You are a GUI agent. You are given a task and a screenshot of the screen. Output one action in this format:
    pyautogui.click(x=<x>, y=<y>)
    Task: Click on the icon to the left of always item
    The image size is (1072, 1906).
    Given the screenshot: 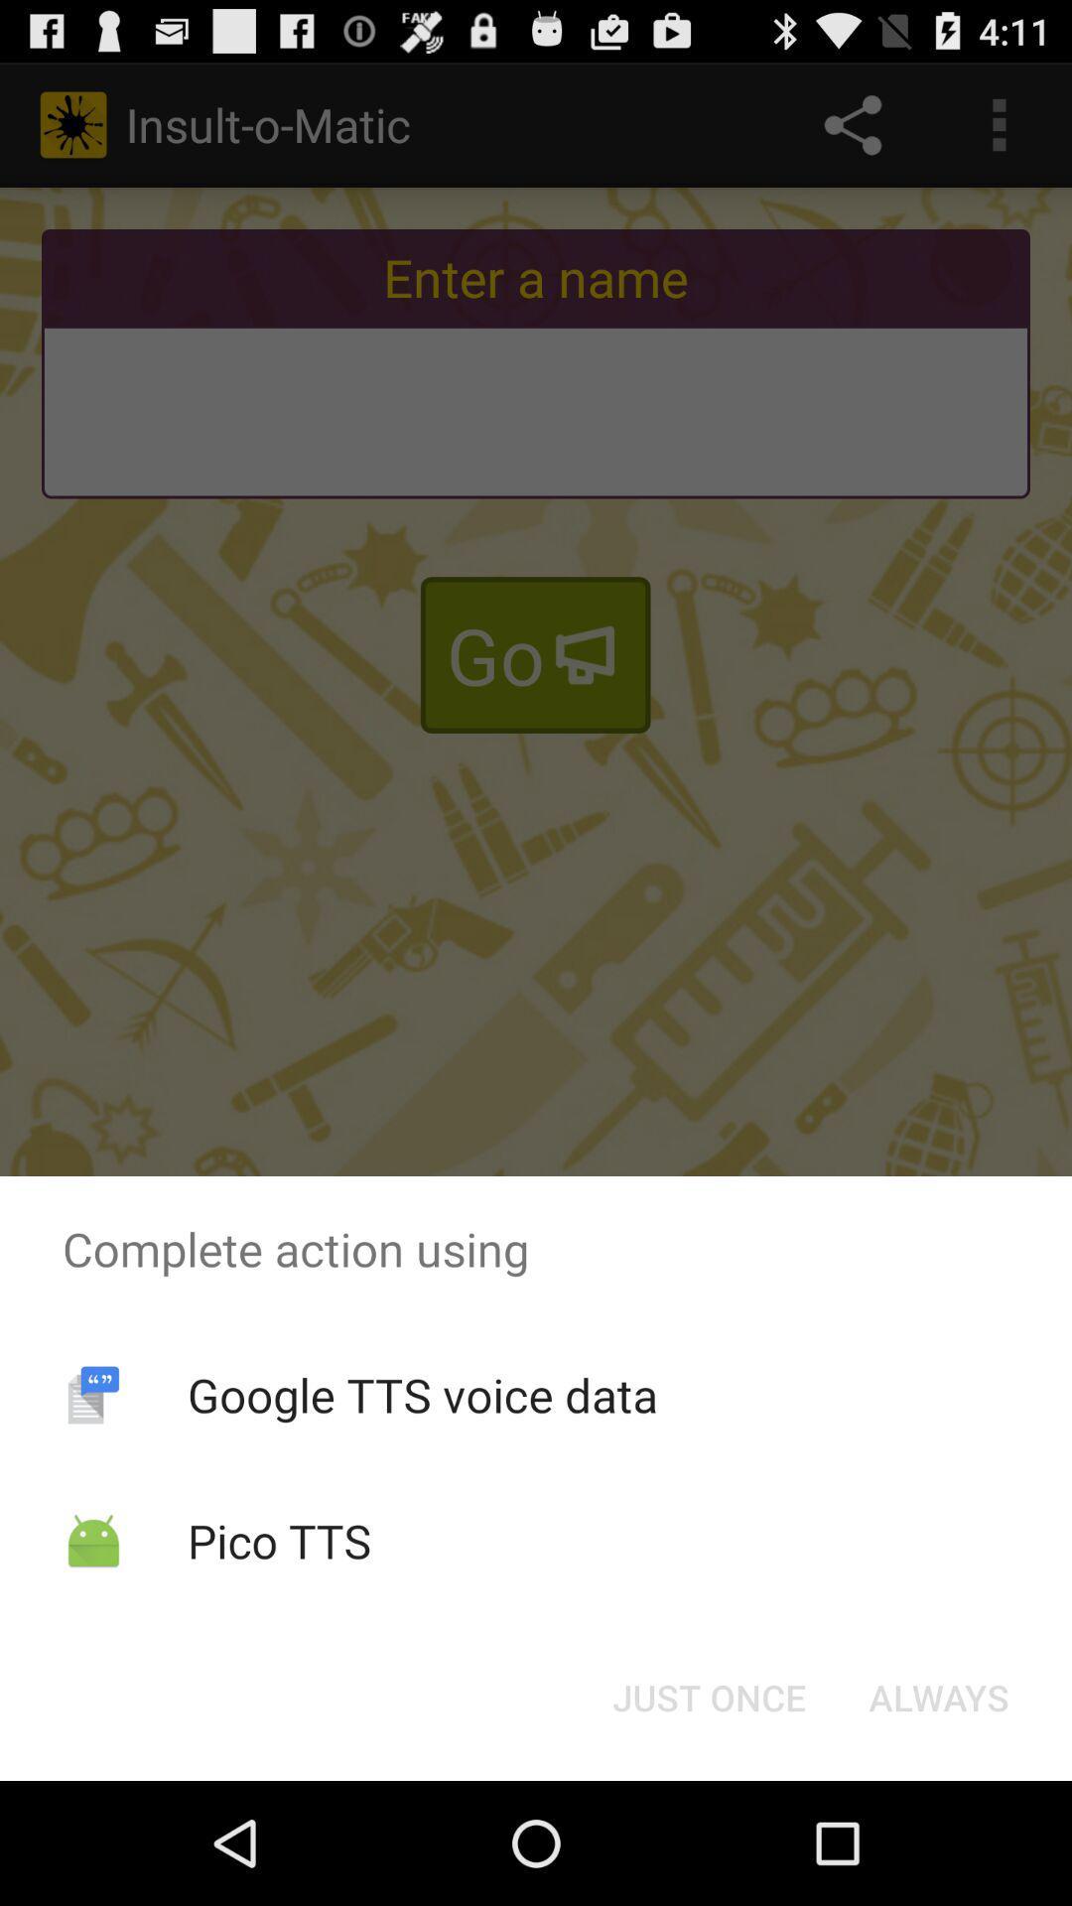 What is the action you would take?
    pyautogui.click(x=708, y=1696)
    